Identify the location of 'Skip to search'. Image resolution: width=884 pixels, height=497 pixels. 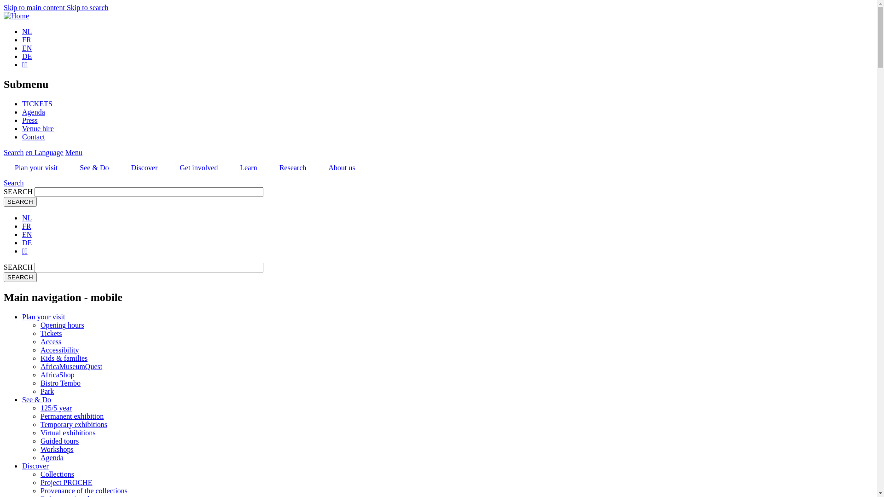
(87, 7).